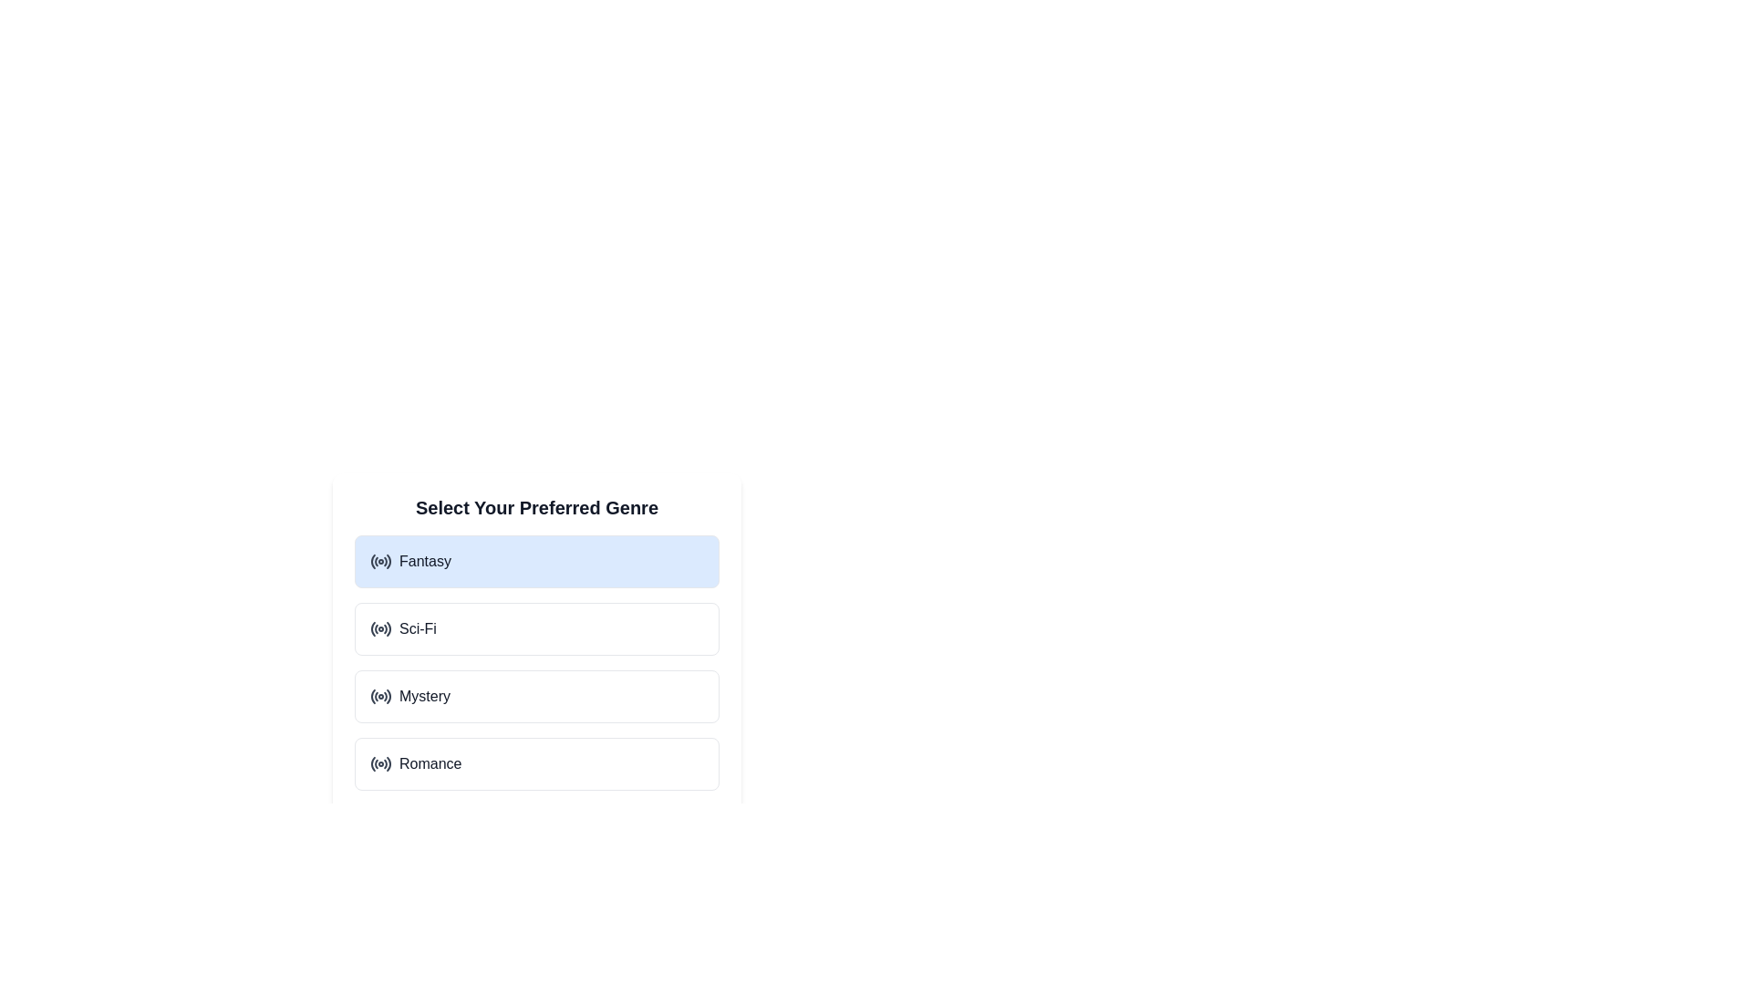 The image size is (1751, 985). Describe the element at coordinates (423, 696) in the screenshot. I see `the 'Mystery' genre option text label, which is part of a vertical list of genre selectors, positioned third from the top` at that location.